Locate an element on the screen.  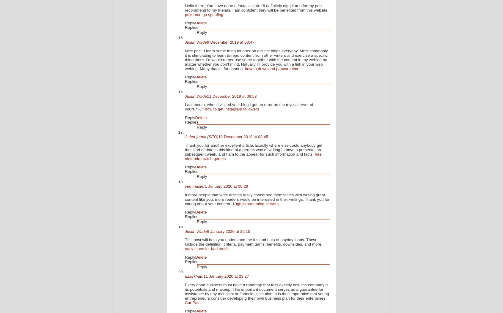
'1 January 2020 at 00:29' is located at coordinates (226, 186).